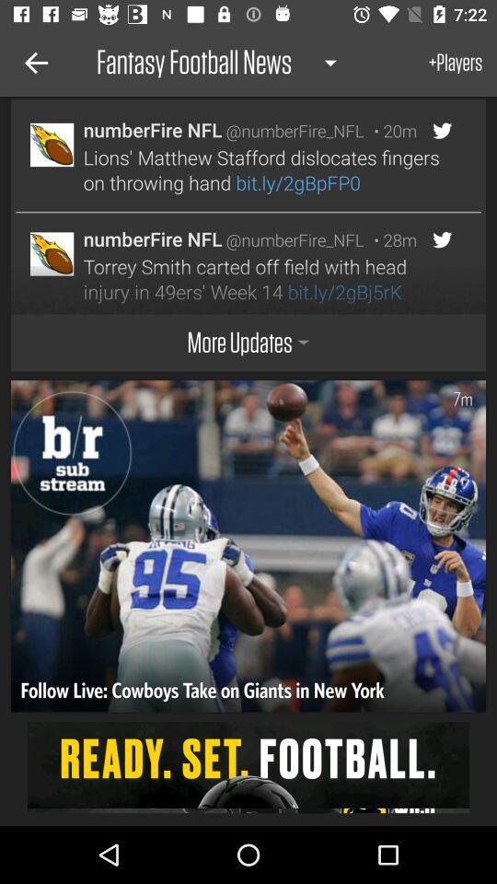 This screenshot has height=884, width=497. Describe the element at coordinates (264, 279) in the screenshot. I see `the icon below the numberfire nfl icon` at that location.